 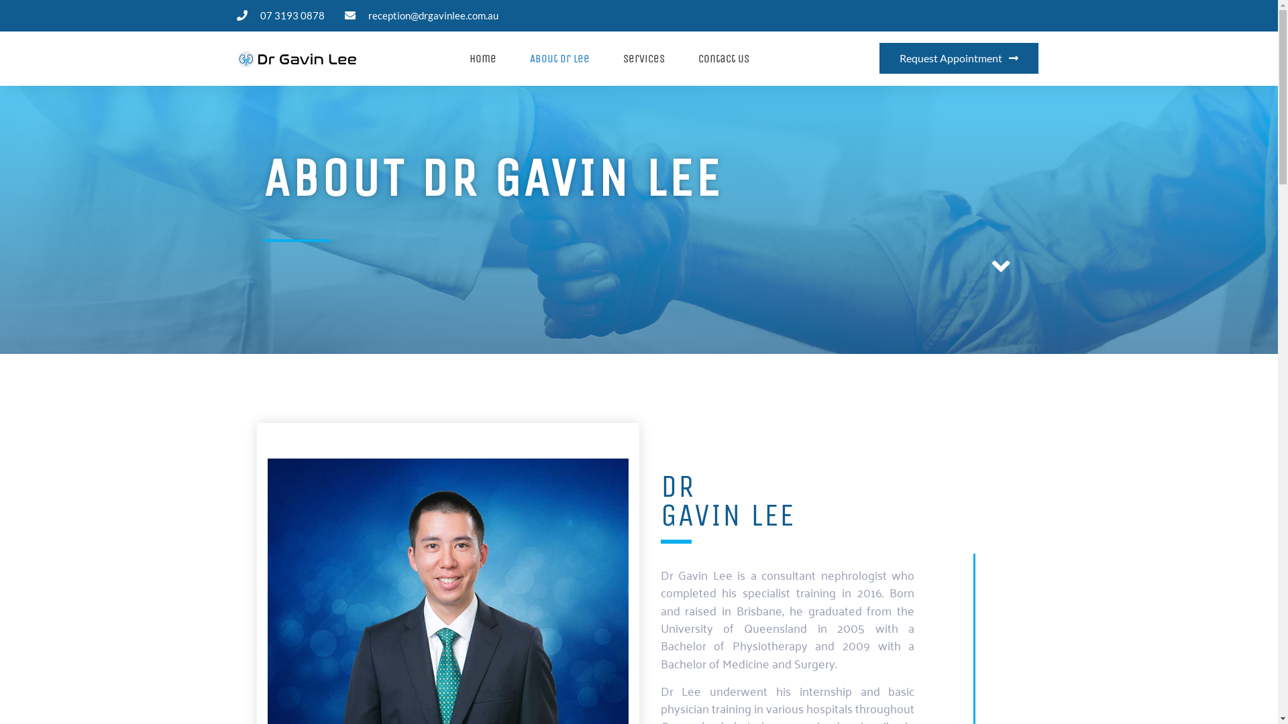 I want to click on 'reception@drgavinlee.com.au', so click(x=421, y=15).